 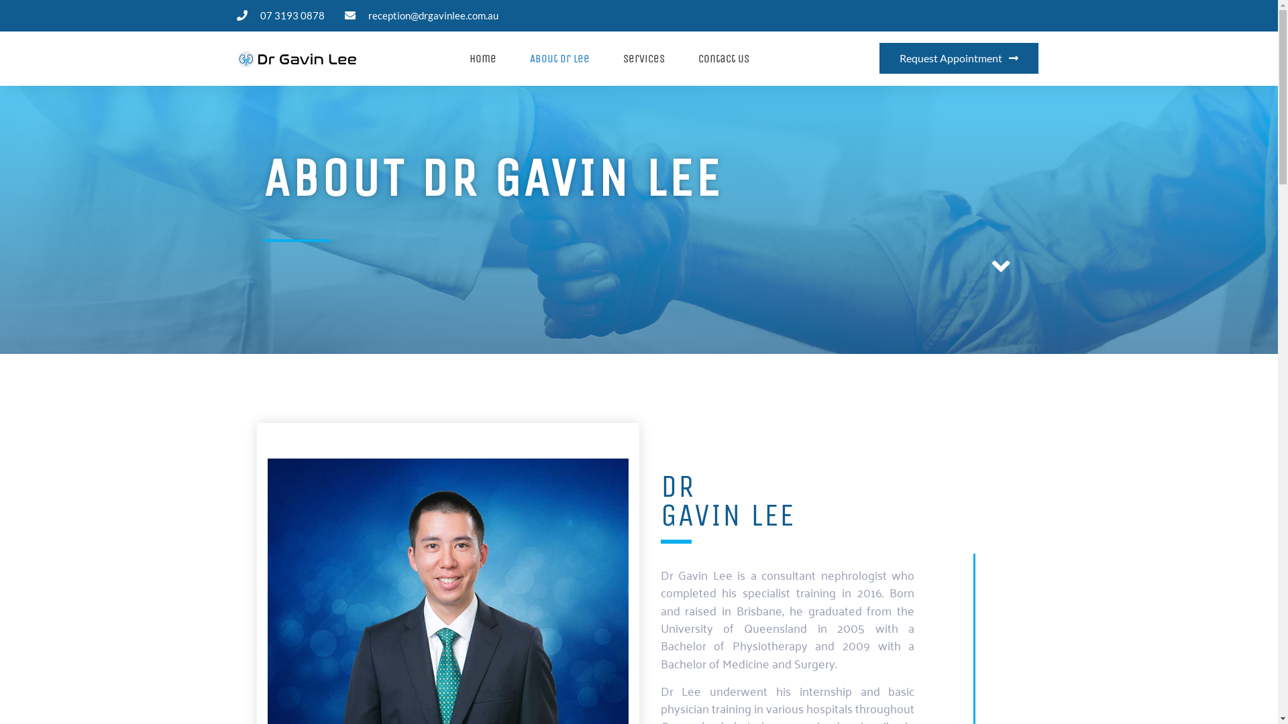 I want to click on 'reception@drgavinlee.com.au', so click(x=421, y=15).